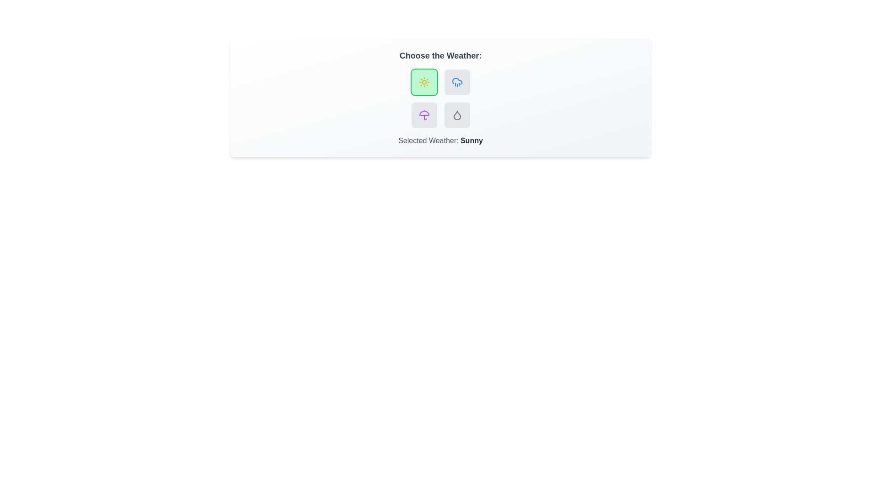 This screenshot has height=494, width=879. What do you see at coordinates (457, 82) in the screenshot?
I see `the weather option Rainy by clicking the corresponding button` at bounding box center [457, 82].